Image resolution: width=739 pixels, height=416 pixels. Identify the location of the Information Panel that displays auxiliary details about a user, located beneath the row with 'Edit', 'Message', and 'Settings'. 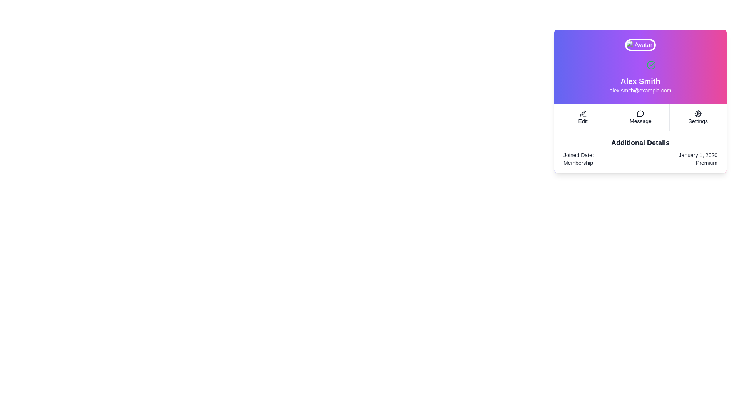
(640, 152).